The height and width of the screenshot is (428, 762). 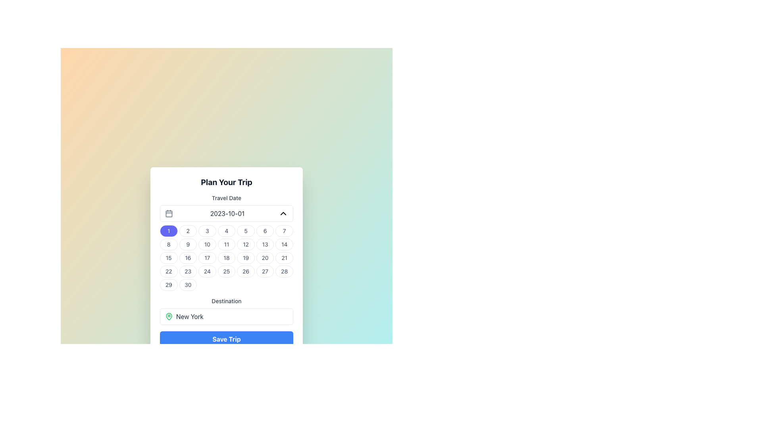 I want to click on the sixth button in the graphical calendar interface, so click(x=265, y=231).